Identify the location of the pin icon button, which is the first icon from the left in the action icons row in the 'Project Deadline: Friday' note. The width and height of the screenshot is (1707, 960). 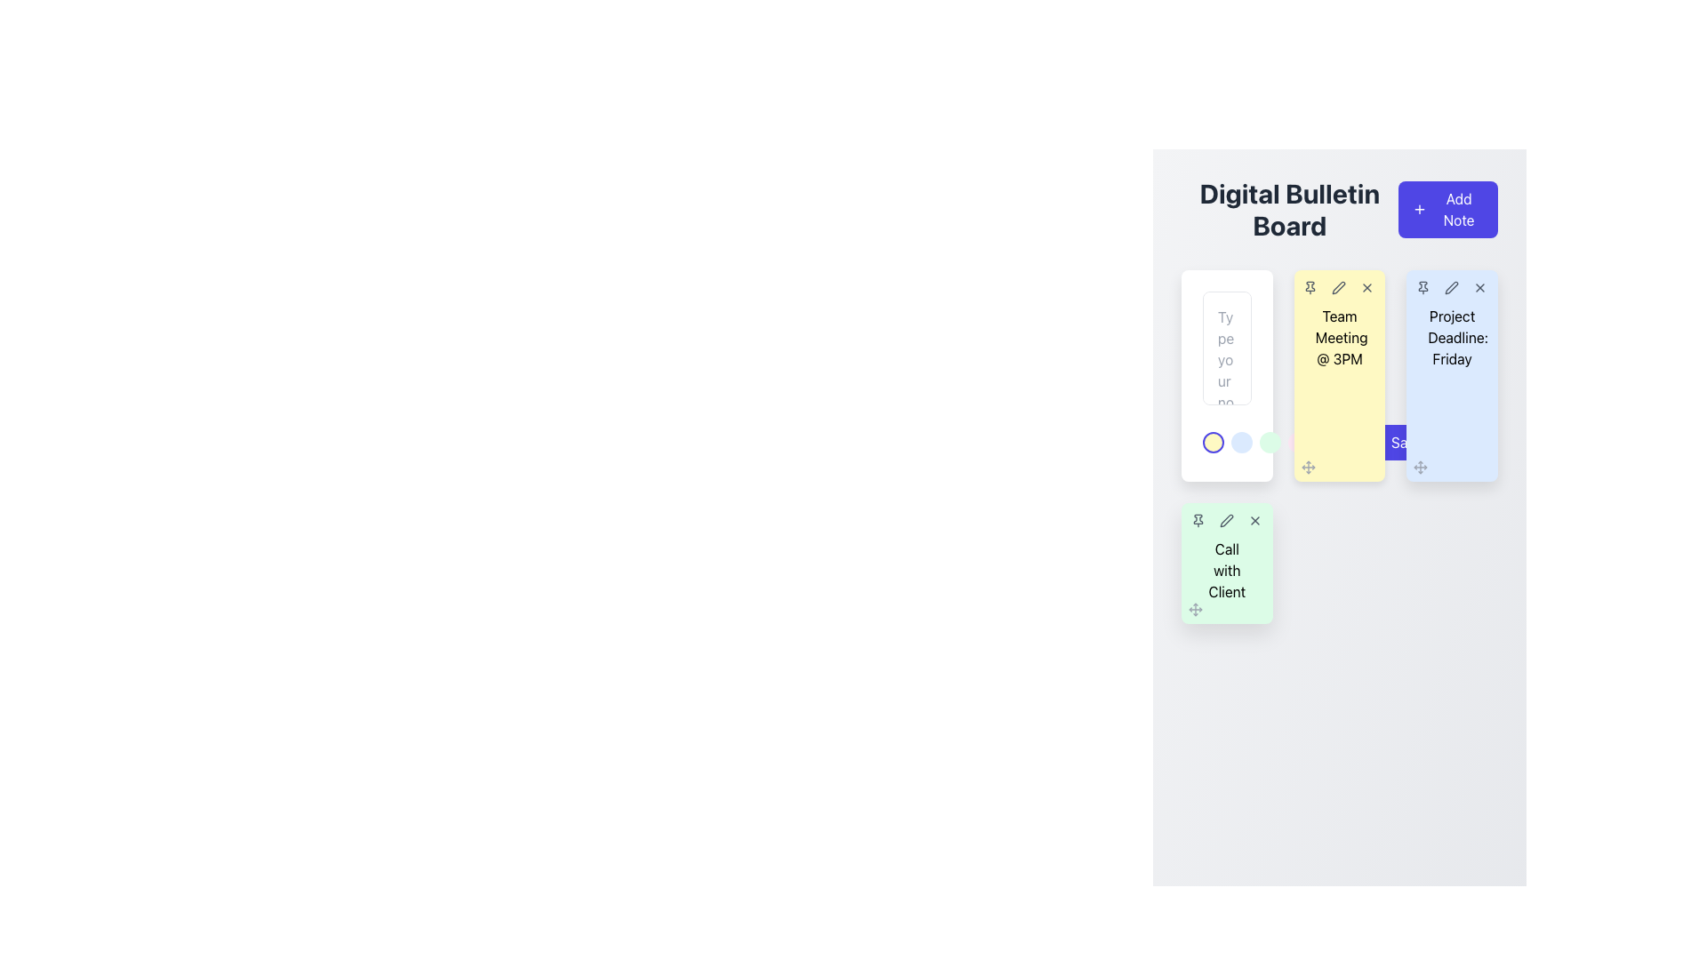
(1422, 287).